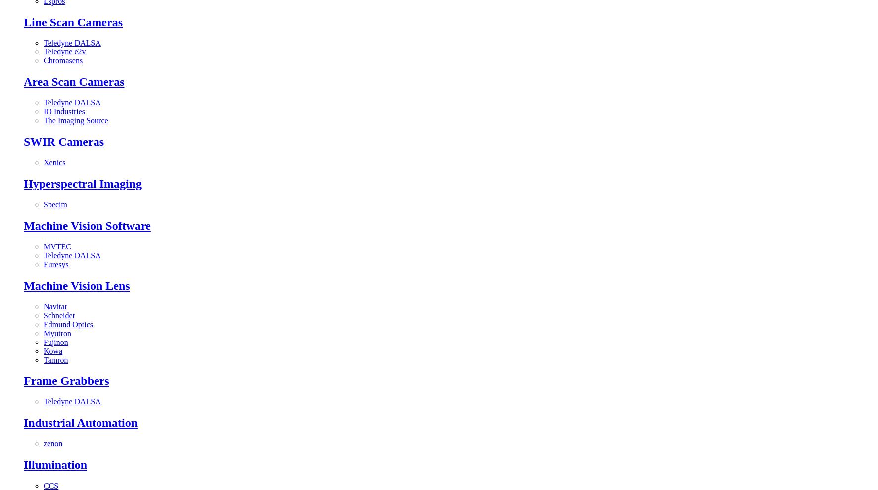 The width and height of the screenshot is (878, 490). I want to click on 'Xenics', so click(43, 162).